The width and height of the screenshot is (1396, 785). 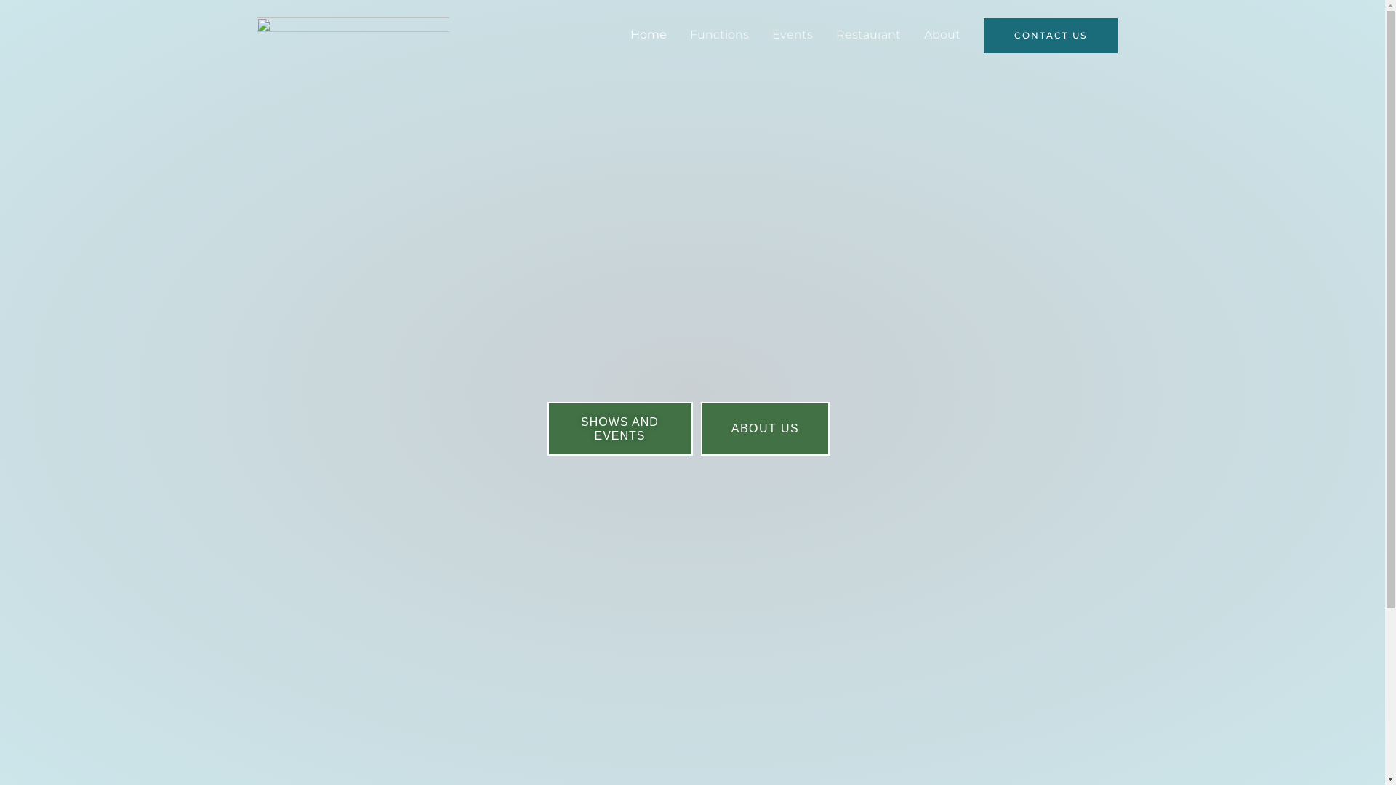 I want to click on 'Events', so click(x=791, y=33).